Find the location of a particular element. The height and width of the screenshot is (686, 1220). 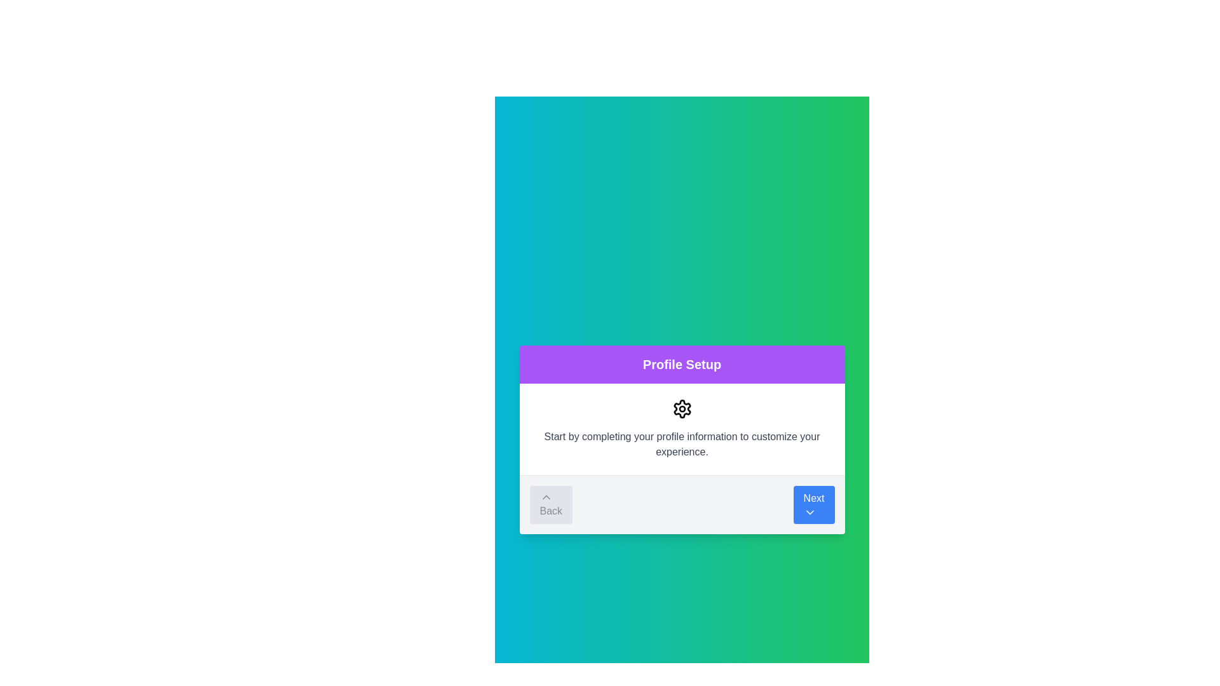

the icon located at the bottom-right corner of the 'Next' button is located at coordinates (809, 511).